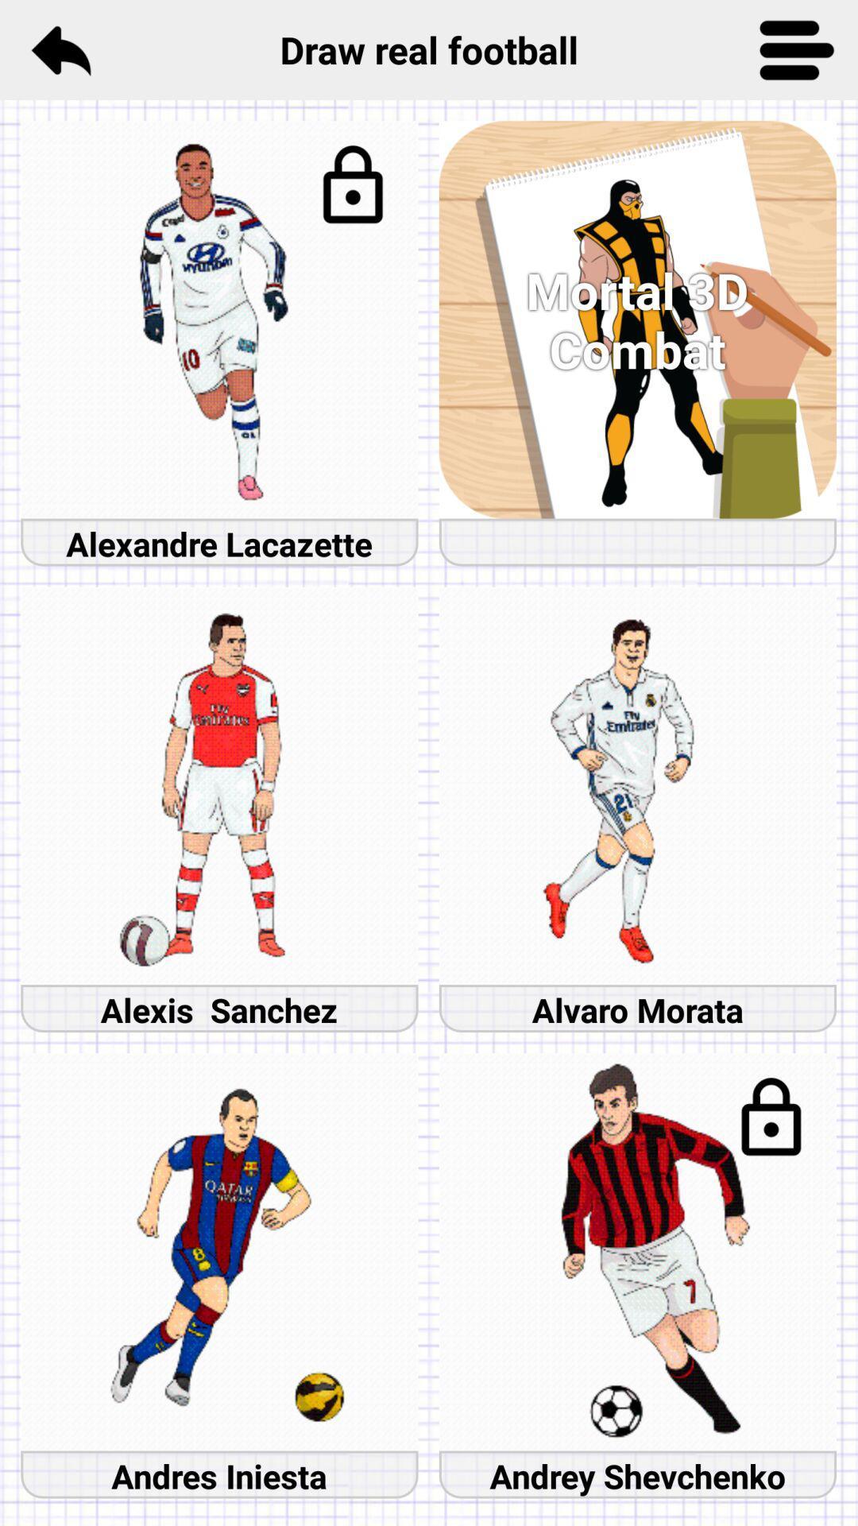 The image size is (858, 1526). I want to click on menu, so click(797, 49).